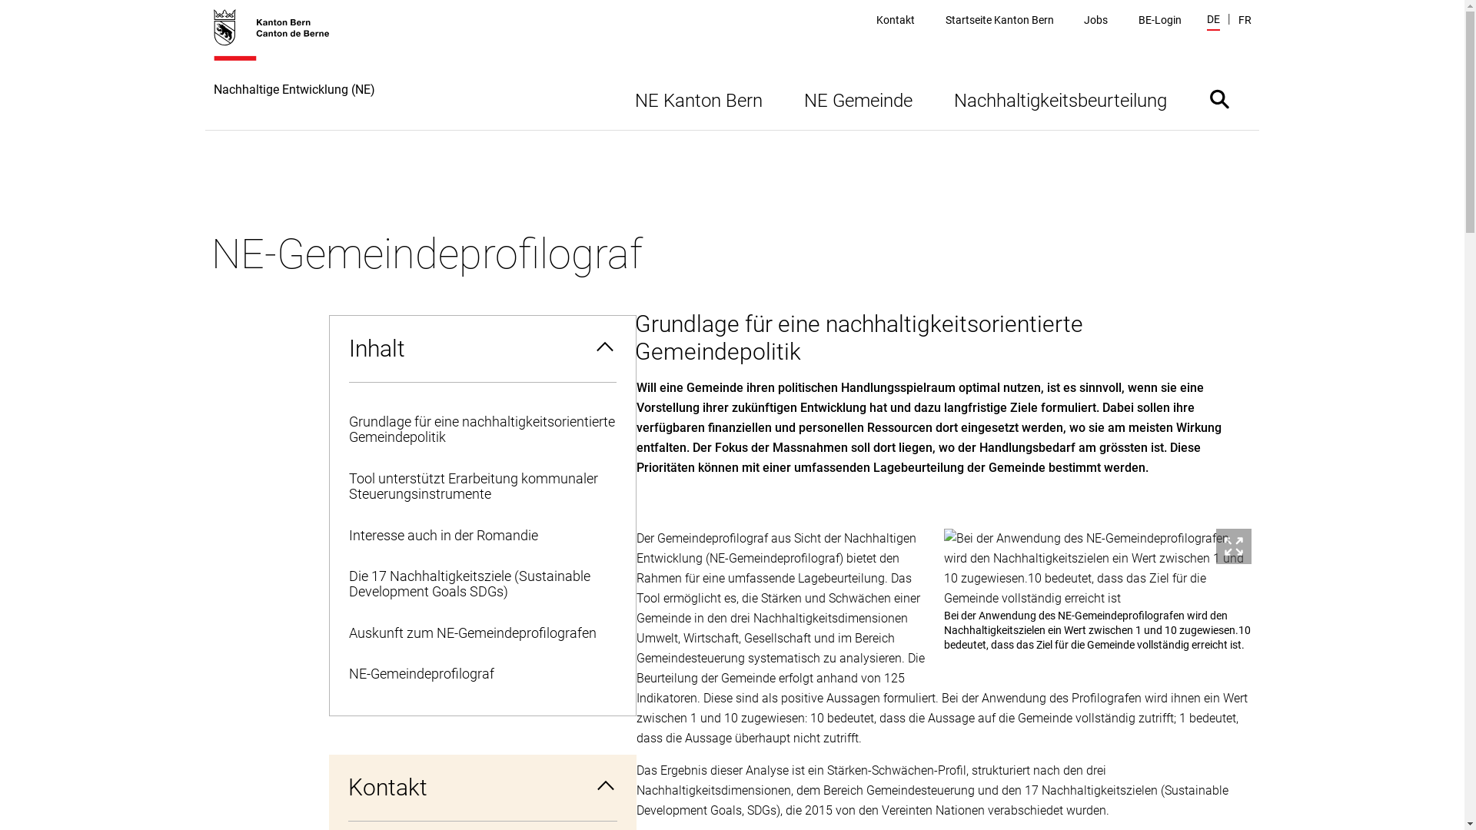 The width and height of the screenshot is (1476, 830). What do you see at coordinates (1244, 20) in the screenshot?
I see `'FR'` at bounding box center [1244, 20].